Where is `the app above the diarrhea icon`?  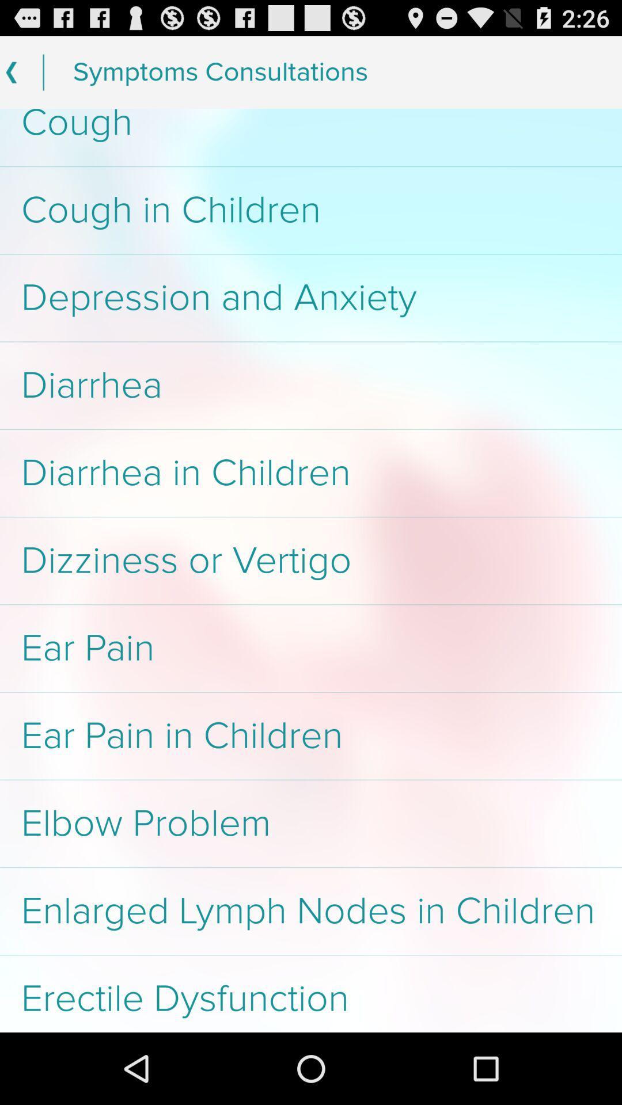 the app above the diarrhea icon is located at coordinates (311, 298).